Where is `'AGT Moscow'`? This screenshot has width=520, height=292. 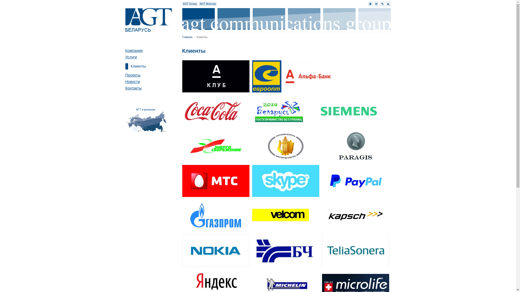 'AGT Moscow' is located at coordinates (207, 4).